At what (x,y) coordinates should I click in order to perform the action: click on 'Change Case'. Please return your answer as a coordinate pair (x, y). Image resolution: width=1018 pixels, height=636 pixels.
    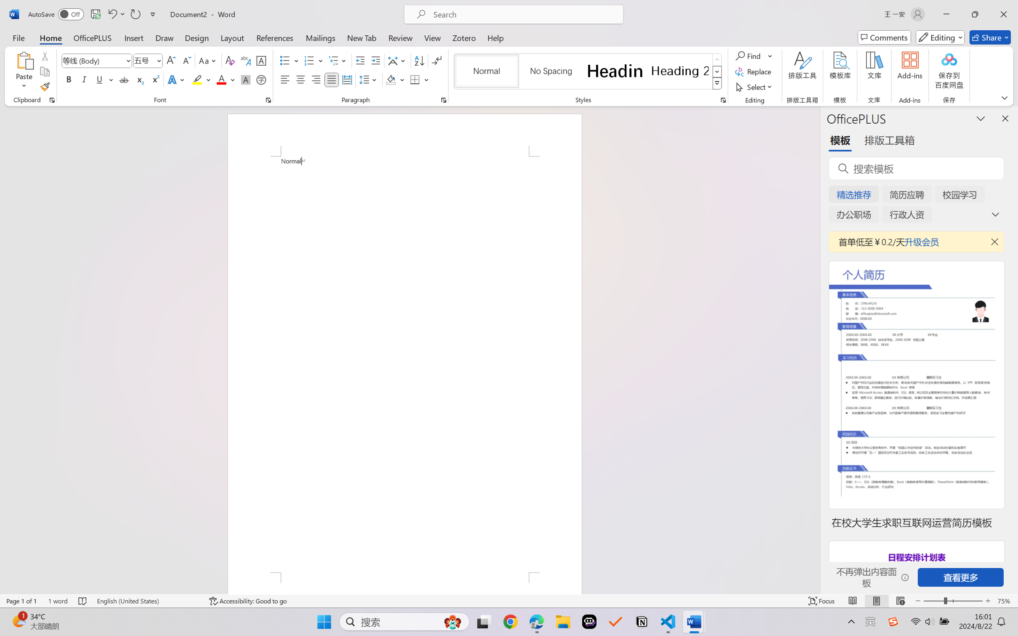
    Looking at the image, I should click on (207, 61).